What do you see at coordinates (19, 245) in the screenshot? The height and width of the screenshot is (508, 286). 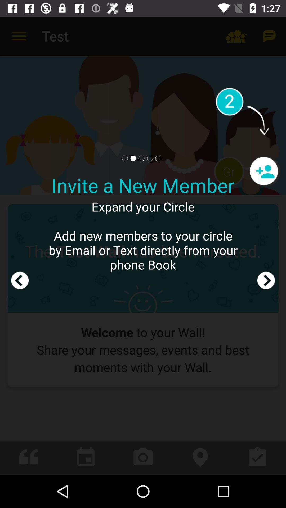 I see `item next to the expand your circle` at bounding box center [19, 245].